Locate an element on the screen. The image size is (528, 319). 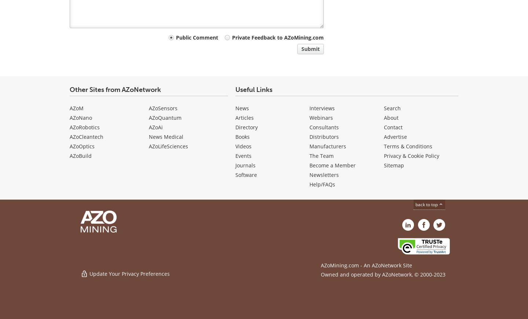
'Manufacturers' is located at coordinates (309, 146).